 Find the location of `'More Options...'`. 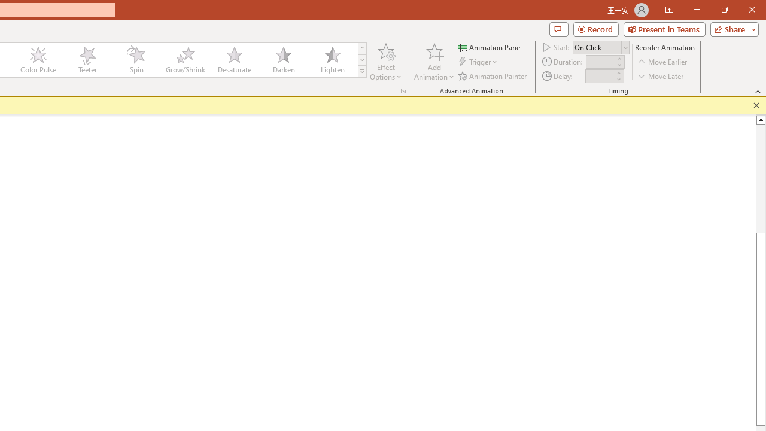

'More Options...' is located at coordinates (403, 90).